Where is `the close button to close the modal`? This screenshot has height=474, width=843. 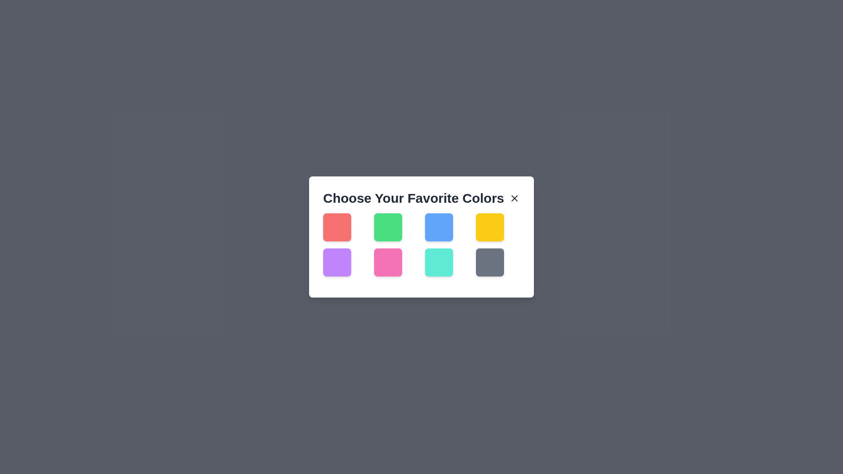 the close button to close the modal is located at coordinates (514, 198).